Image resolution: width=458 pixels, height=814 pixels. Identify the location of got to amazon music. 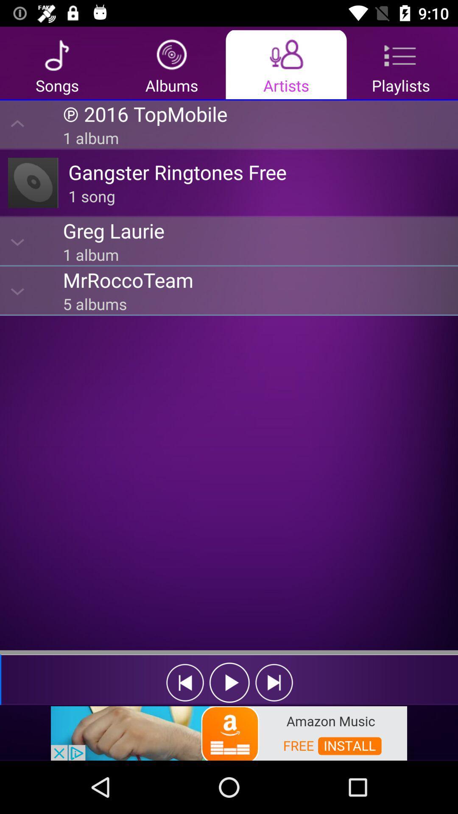
(229, 732).